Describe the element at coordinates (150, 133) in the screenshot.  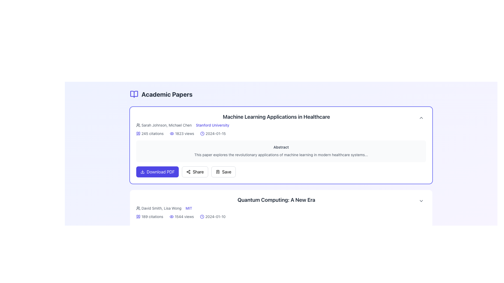
I see `the text with icon displaying the number of citations received by the paper, which is located in the metadata section of the topmost listed academic paper` at that location.